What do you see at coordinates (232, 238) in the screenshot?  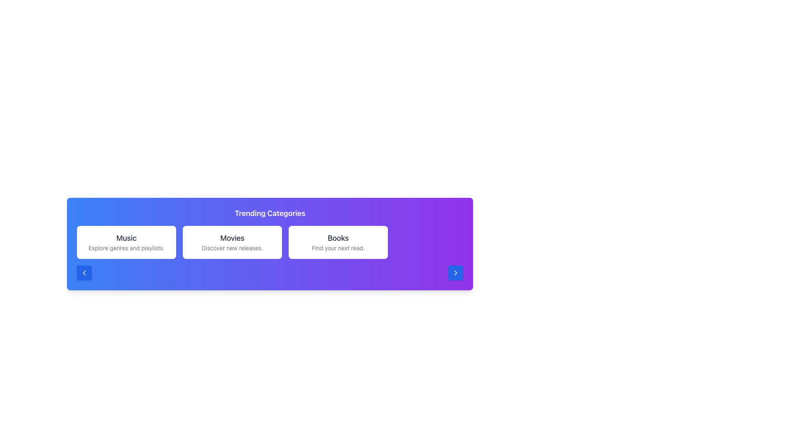 I see `the 'Movies' text label, which serves as the title for its card-like structure, positioned at the top of the second card in a horizontally aligned list` at bounding box center [232, 238].